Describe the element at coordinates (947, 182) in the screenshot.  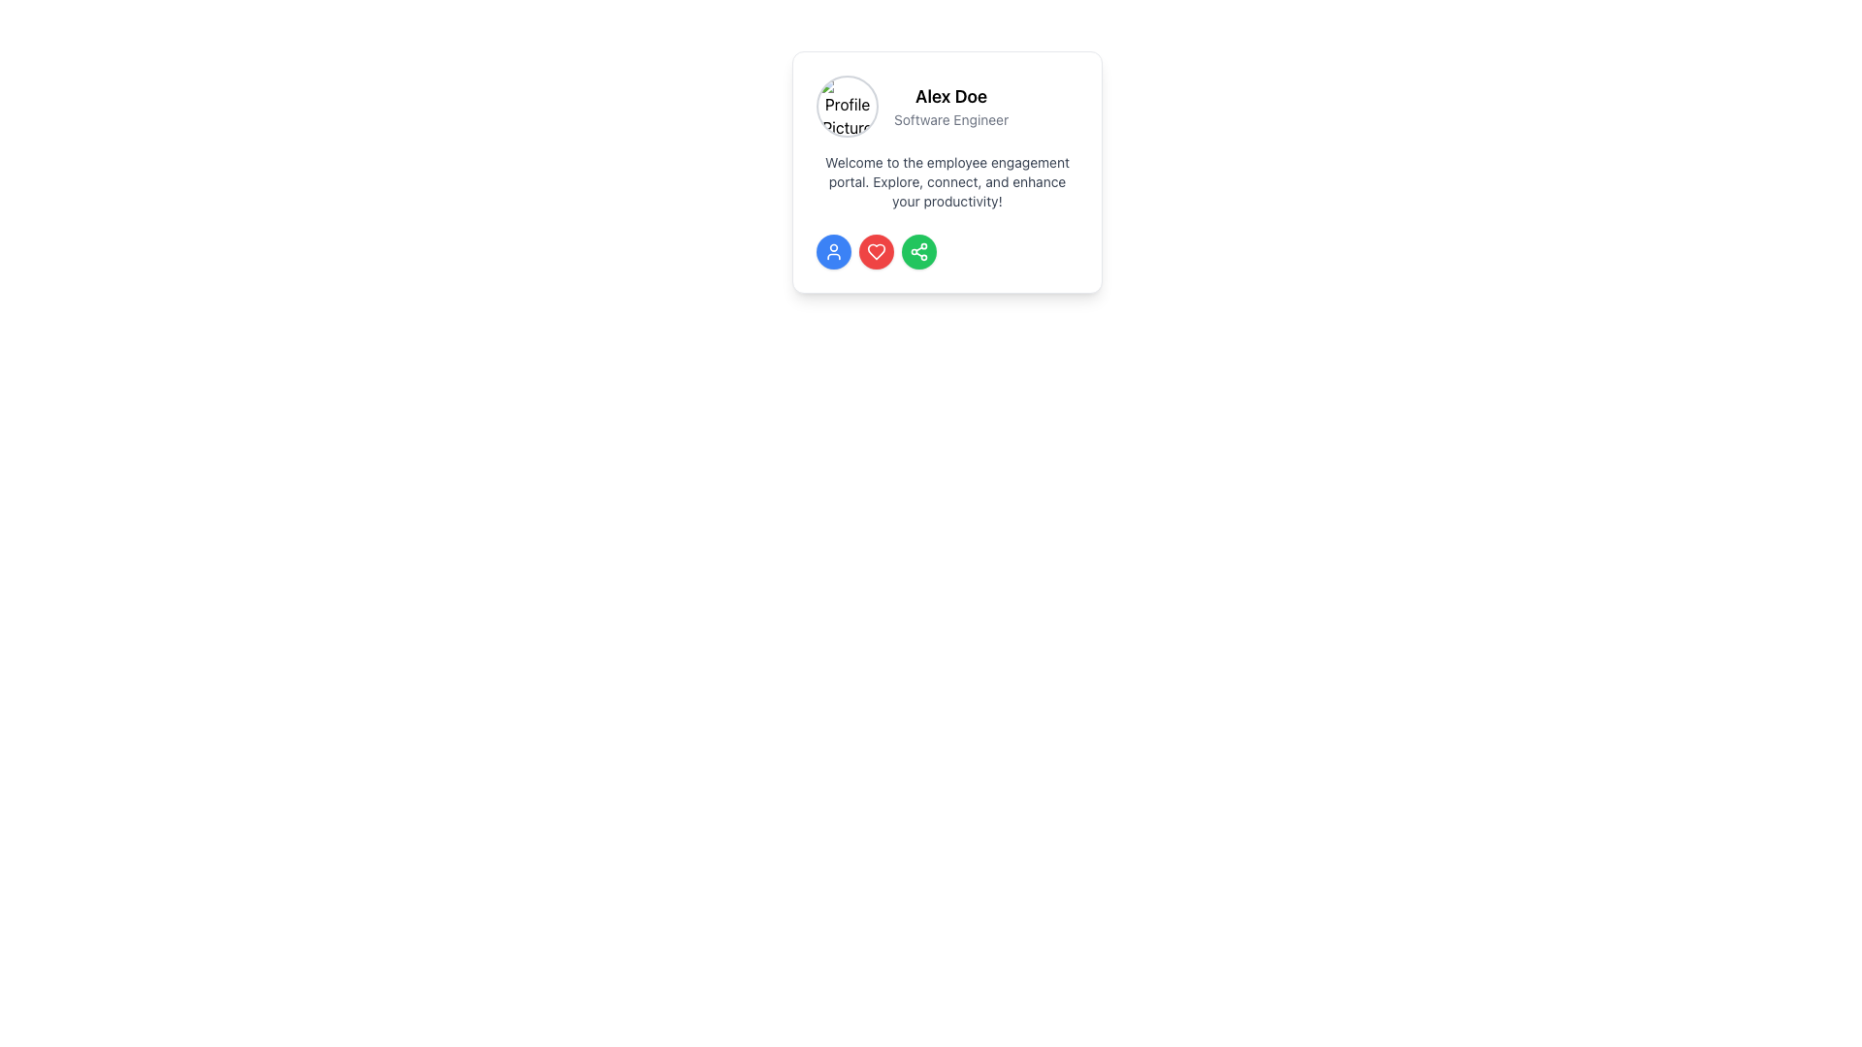
I see `greeting and description text located in the card layout above the circular colored buttons, centered under the user's name 'Alex Doe' and title 'Software Engineer'` at that location.